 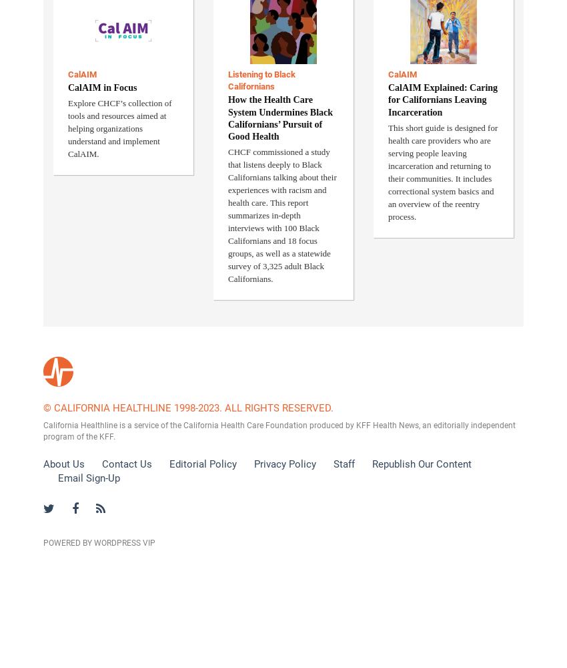 What do you see at coordinates (113, 437) in the screenshot?
I see `'.'` at bounding box center [113, 437].